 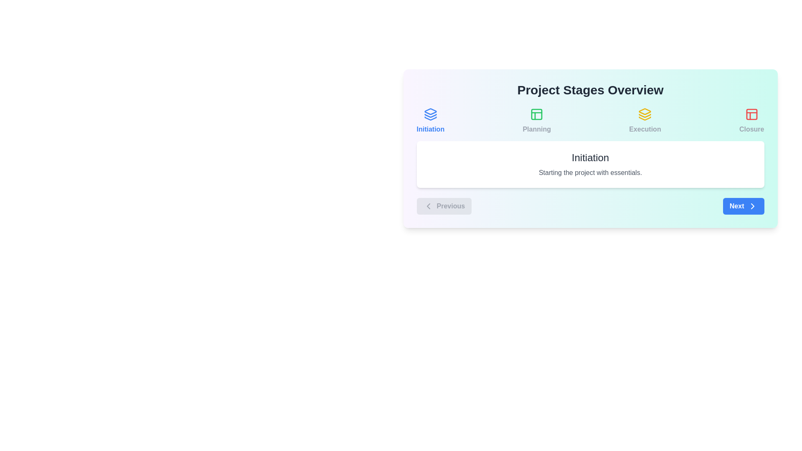 What do you see at coordinates (752, 206) in the screenshot?
I see `the rightward-pointing chevron icon, which is an SVG-based element located adjacent to the 'Next' button in the lower-right corner of the main interface for navigation purposes` at bounding box center [752, 206].